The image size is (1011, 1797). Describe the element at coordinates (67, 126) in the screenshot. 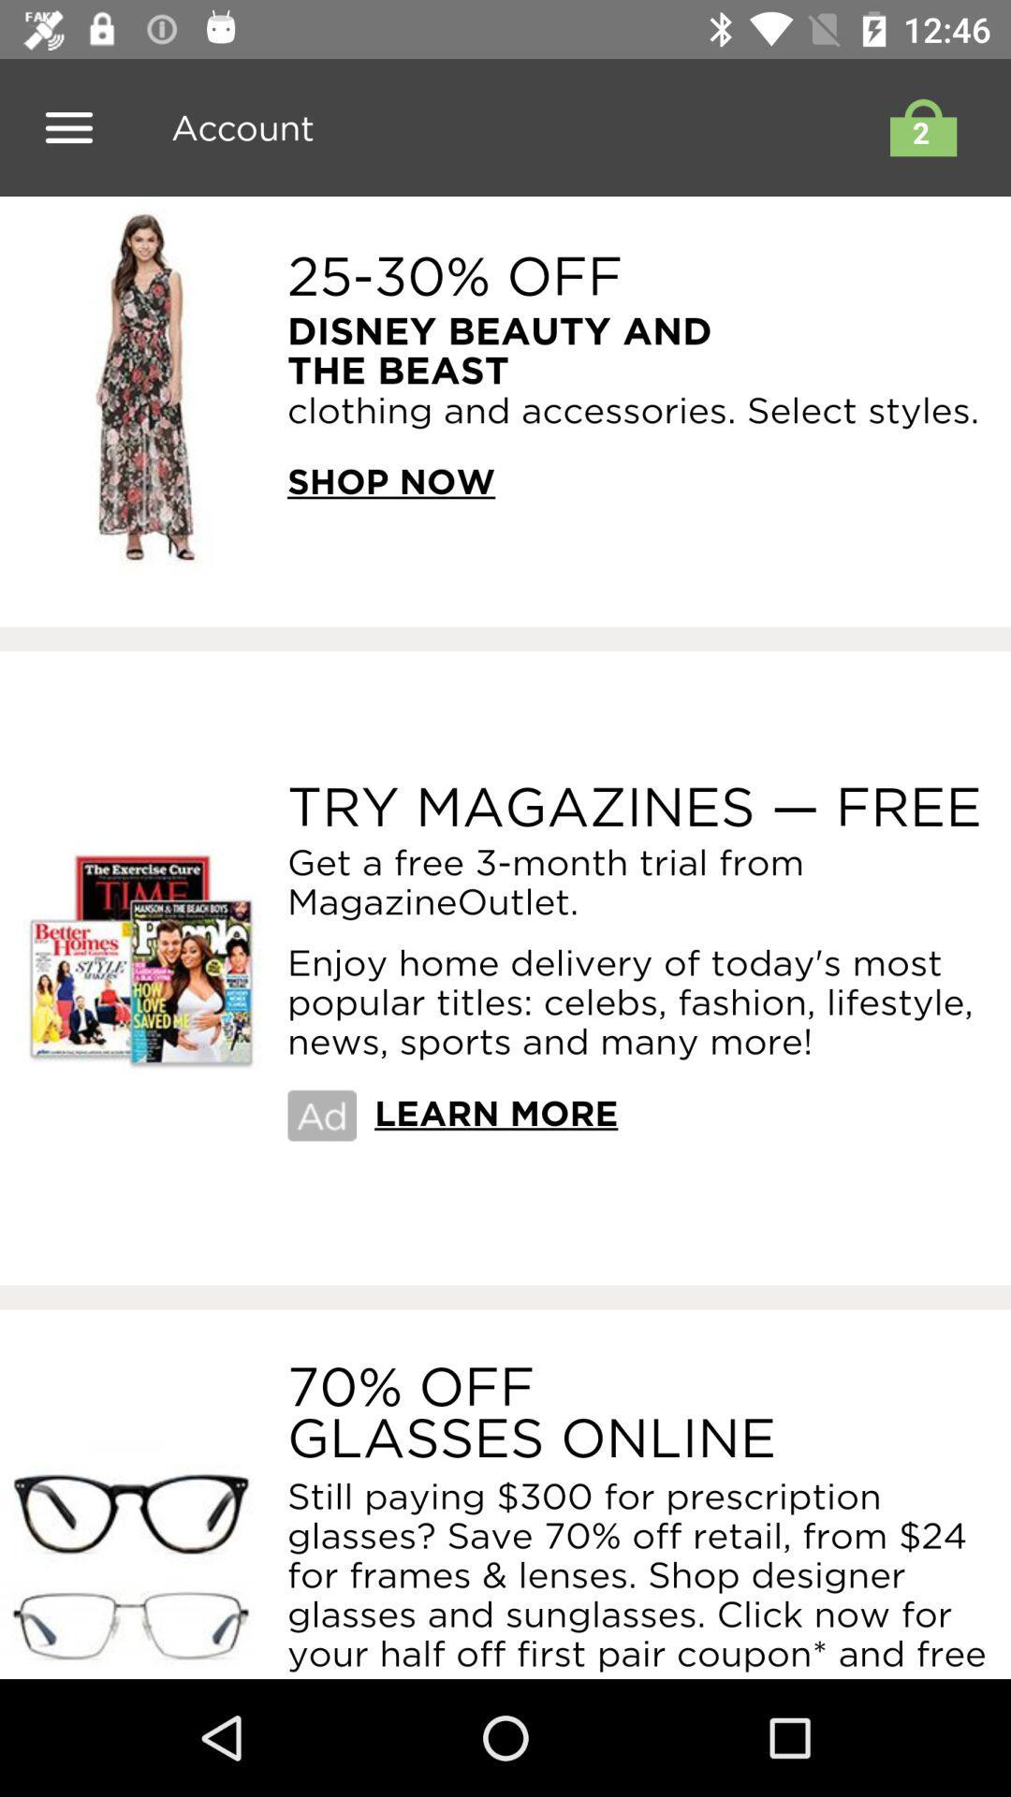

I see `the menu icon` at that location.